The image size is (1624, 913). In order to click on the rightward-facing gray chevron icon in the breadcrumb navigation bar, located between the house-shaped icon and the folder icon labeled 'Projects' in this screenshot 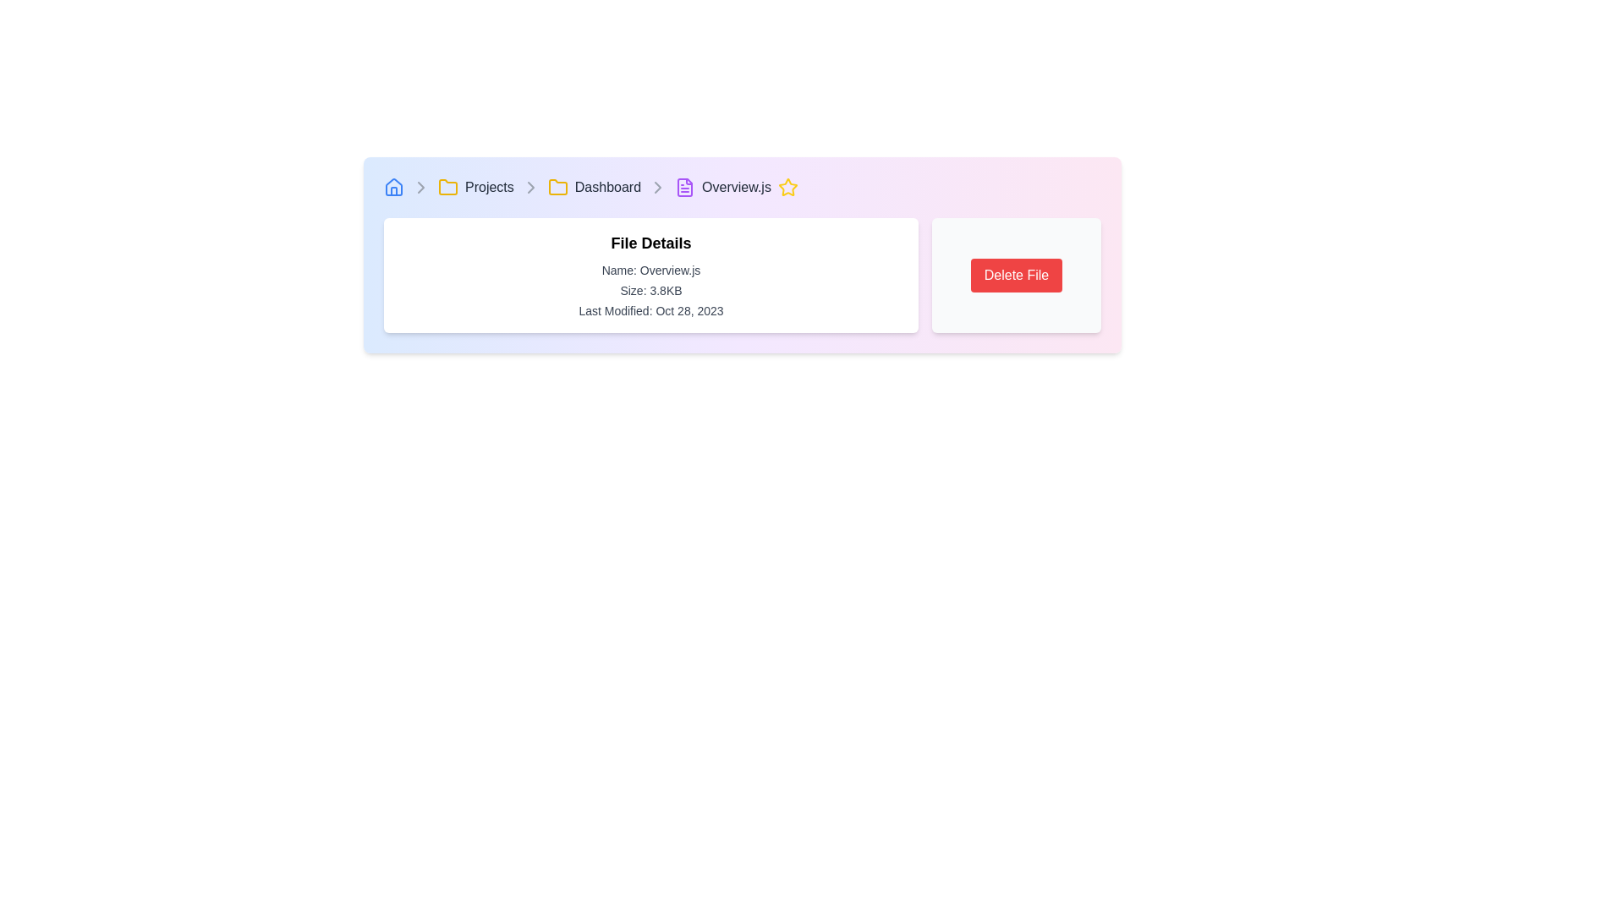, I will do `click(421, 188)`.